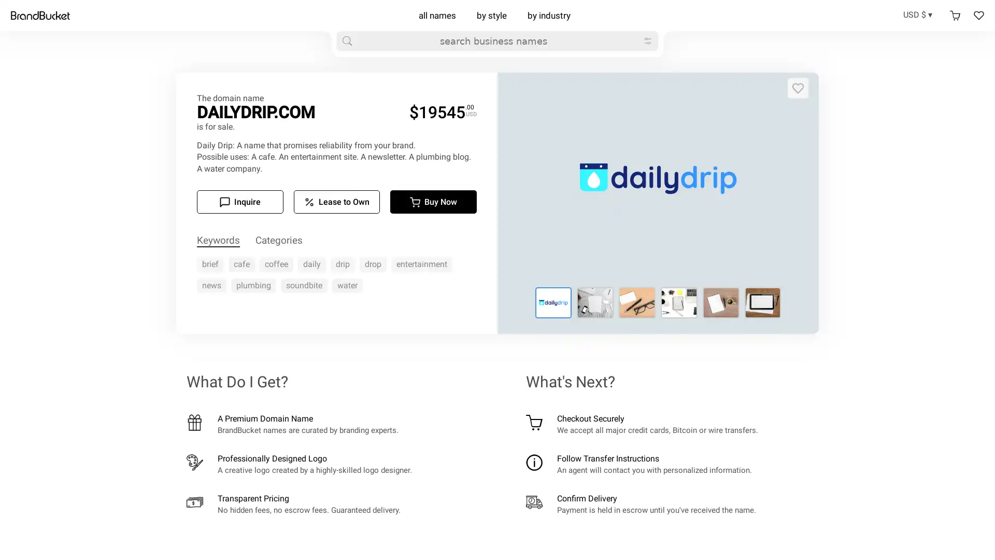  What do you see at coordinates (720, 302) in the screenshot?
I see `Logo for dailydrip.com` at bounding box center [720, 302].